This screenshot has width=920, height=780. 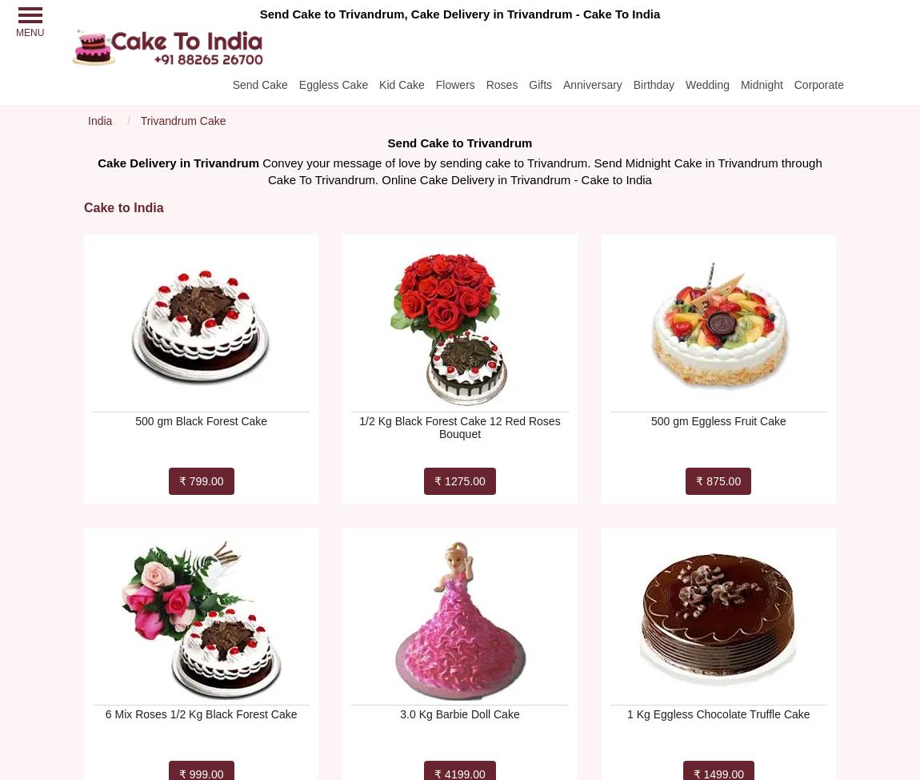 What do you see at coordinates (626, 714) in the screenshot?
I see `'1 Kg Eggless Chocolate Truffle Cake'` at bounding box center [626, 714].